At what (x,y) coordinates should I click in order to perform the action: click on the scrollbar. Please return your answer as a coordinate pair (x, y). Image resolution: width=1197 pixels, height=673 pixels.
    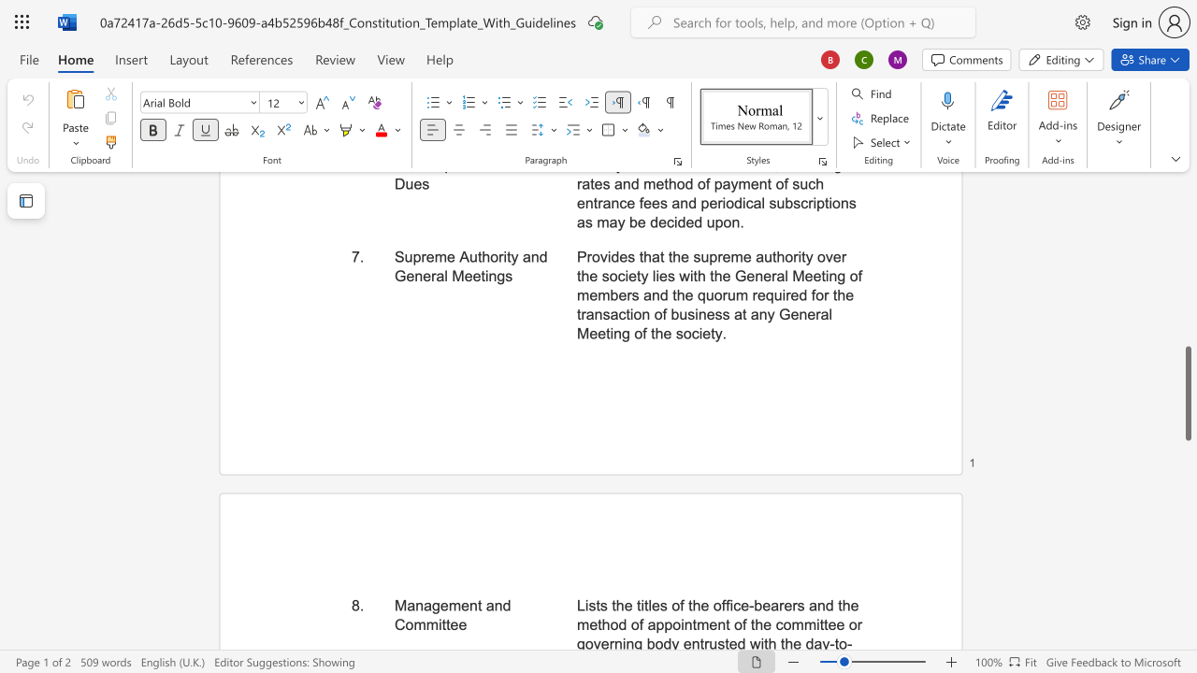
    Looking at the image, I should click on (1187, 316).